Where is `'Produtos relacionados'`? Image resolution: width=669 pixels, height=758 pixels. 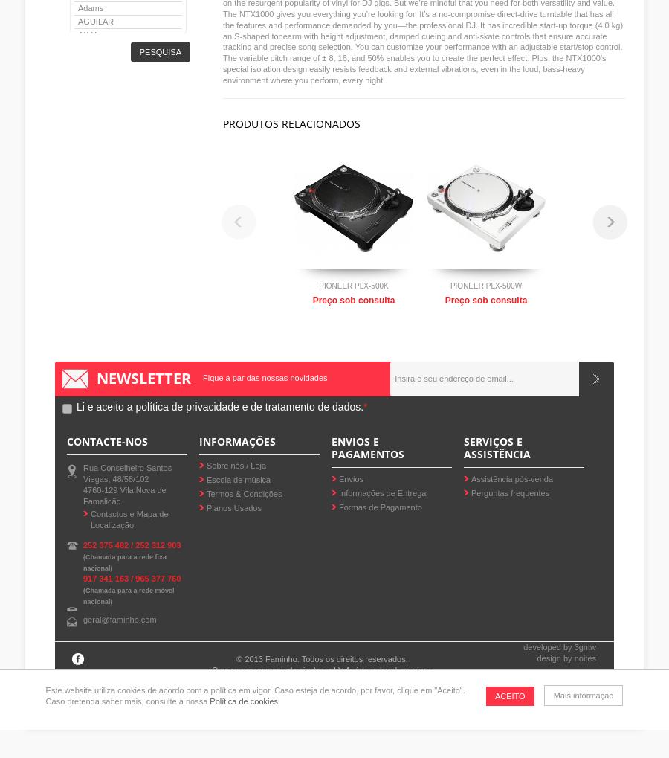
'Produtos relacionados' is located at coordinates (222, 123).